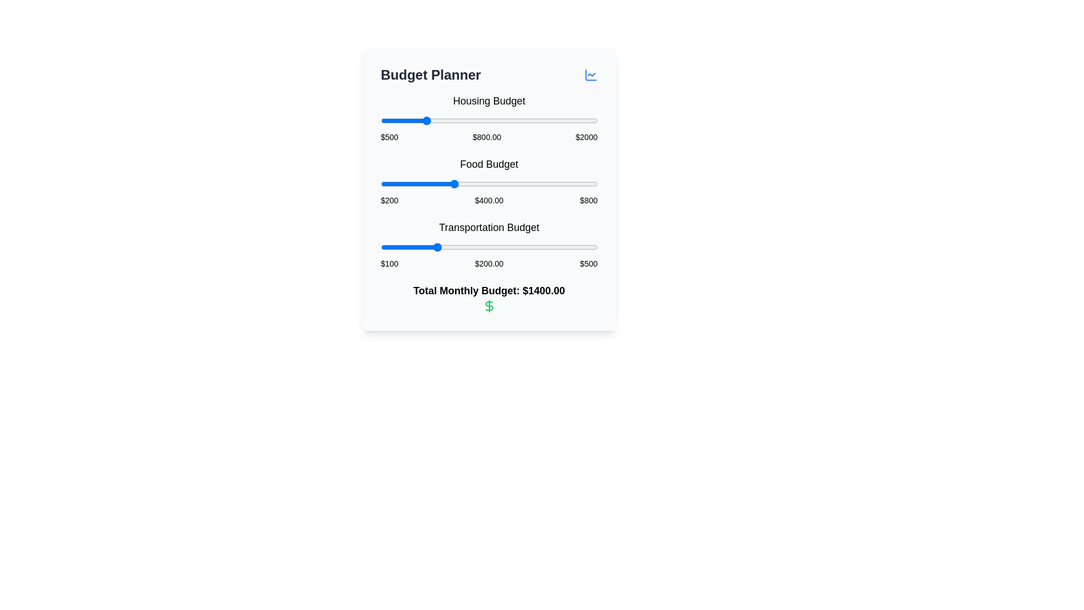 This screenshot has height=610, width=1084. What do you see at coordinates (390, 199) in the screenshot?
I see `the text label displaying '$200' styled in black font, positioned leftmost under the 'Food Budget' section` at bounding box center [390, 199].